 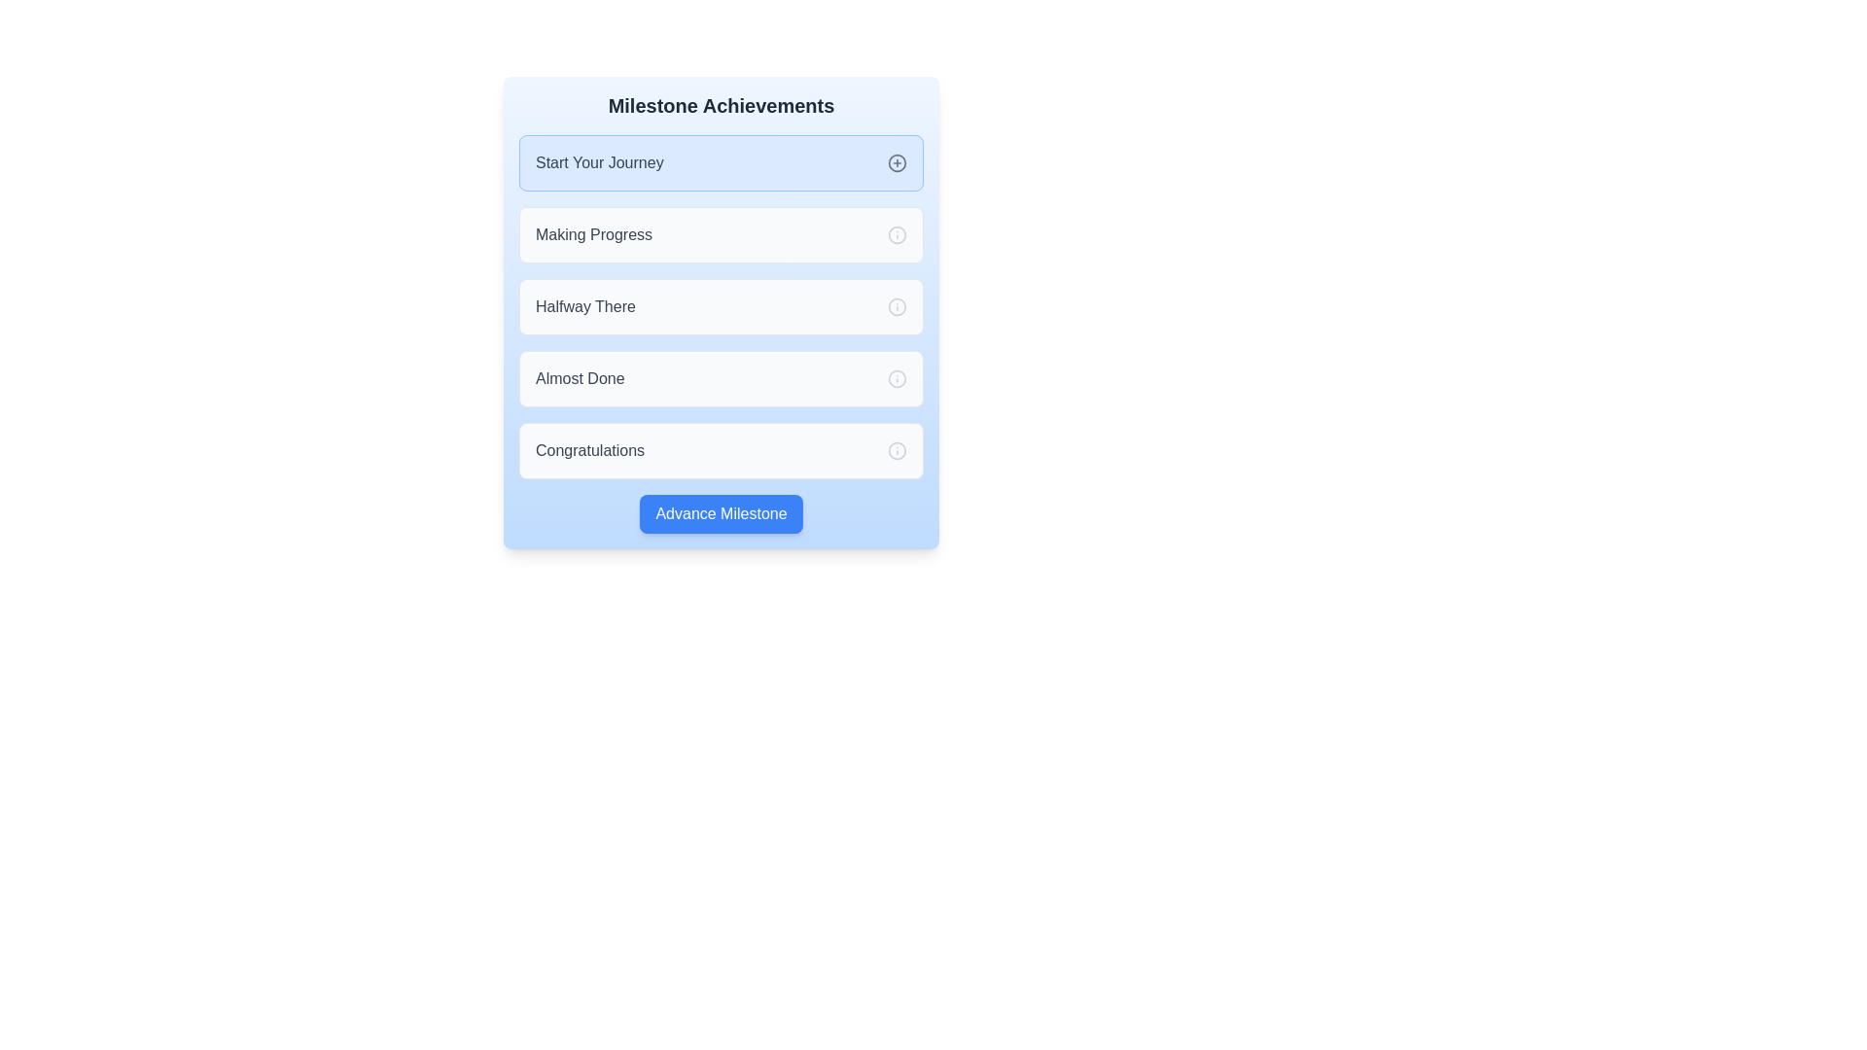 I want to click on the information indicator icon located to the right of the 'Halfway There' text, so click(x=896, y=306).